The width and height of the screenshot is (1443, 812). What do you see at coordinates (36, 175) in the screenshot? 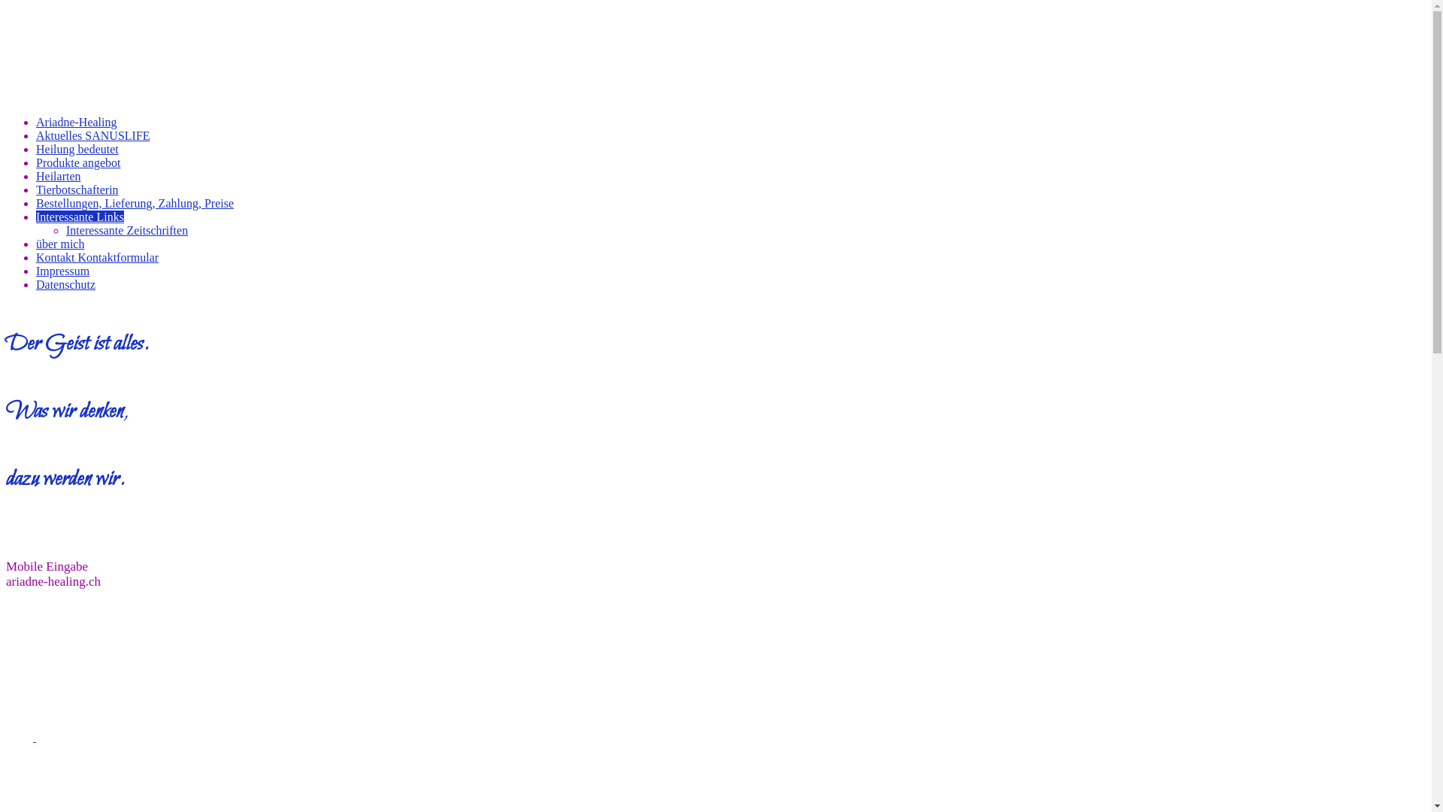
I see `'Heilarten'` at bounding box center [36, 175].